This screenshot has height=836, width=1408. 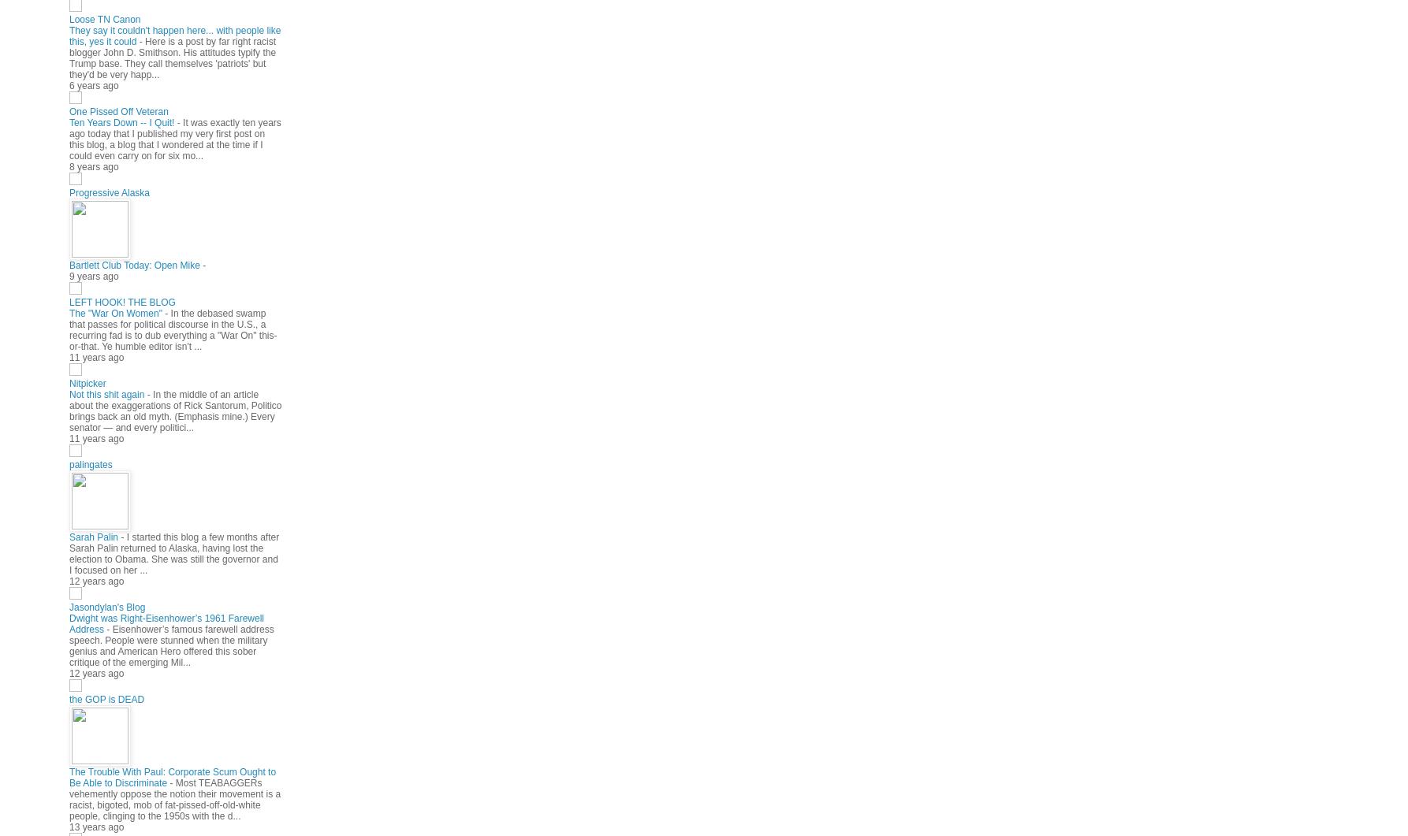 What do you see at coordinates (173, 35) in the screenshot?
I see `'They say it couldn't happen here... with people like this, yes it could'` at bounding box center [173, 35].